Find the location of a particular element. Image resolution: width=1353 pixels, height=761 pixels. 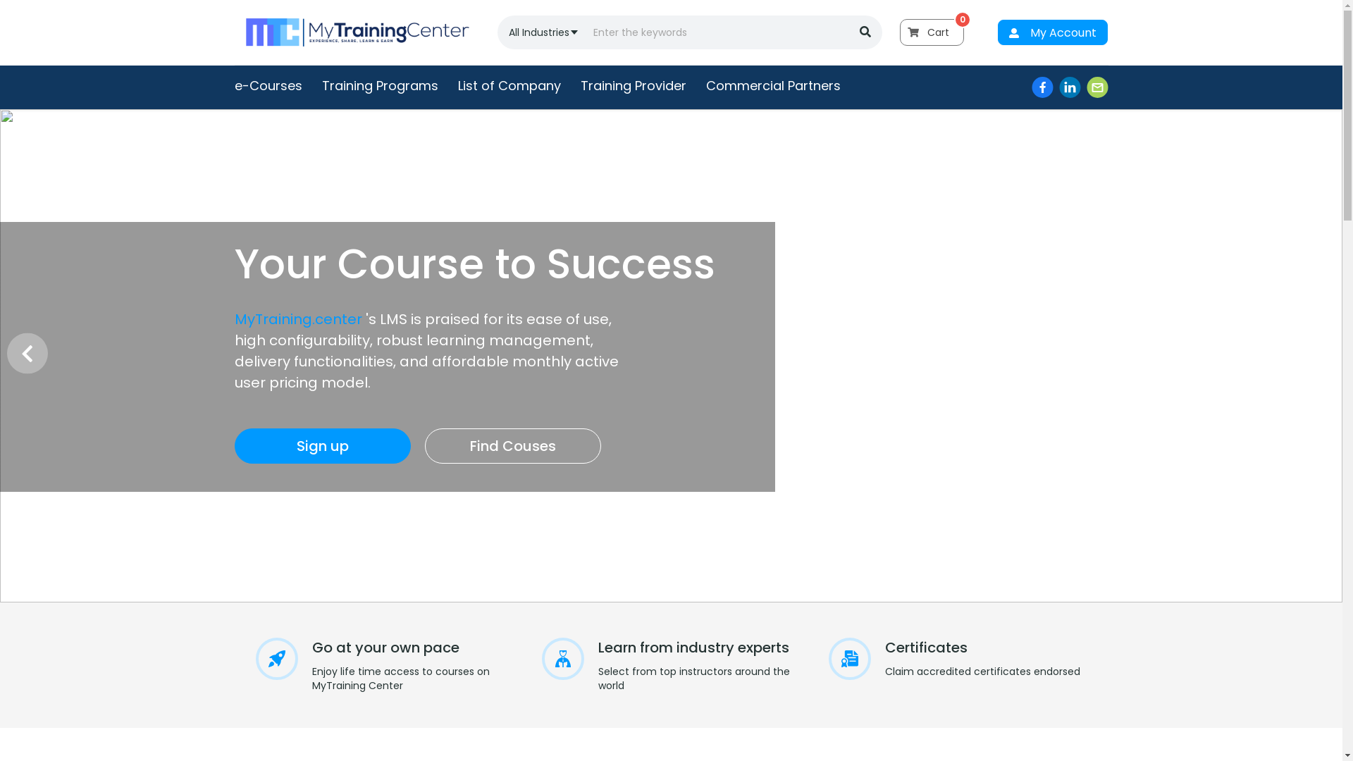

'Sign up' is located at coordinates (233, 445).